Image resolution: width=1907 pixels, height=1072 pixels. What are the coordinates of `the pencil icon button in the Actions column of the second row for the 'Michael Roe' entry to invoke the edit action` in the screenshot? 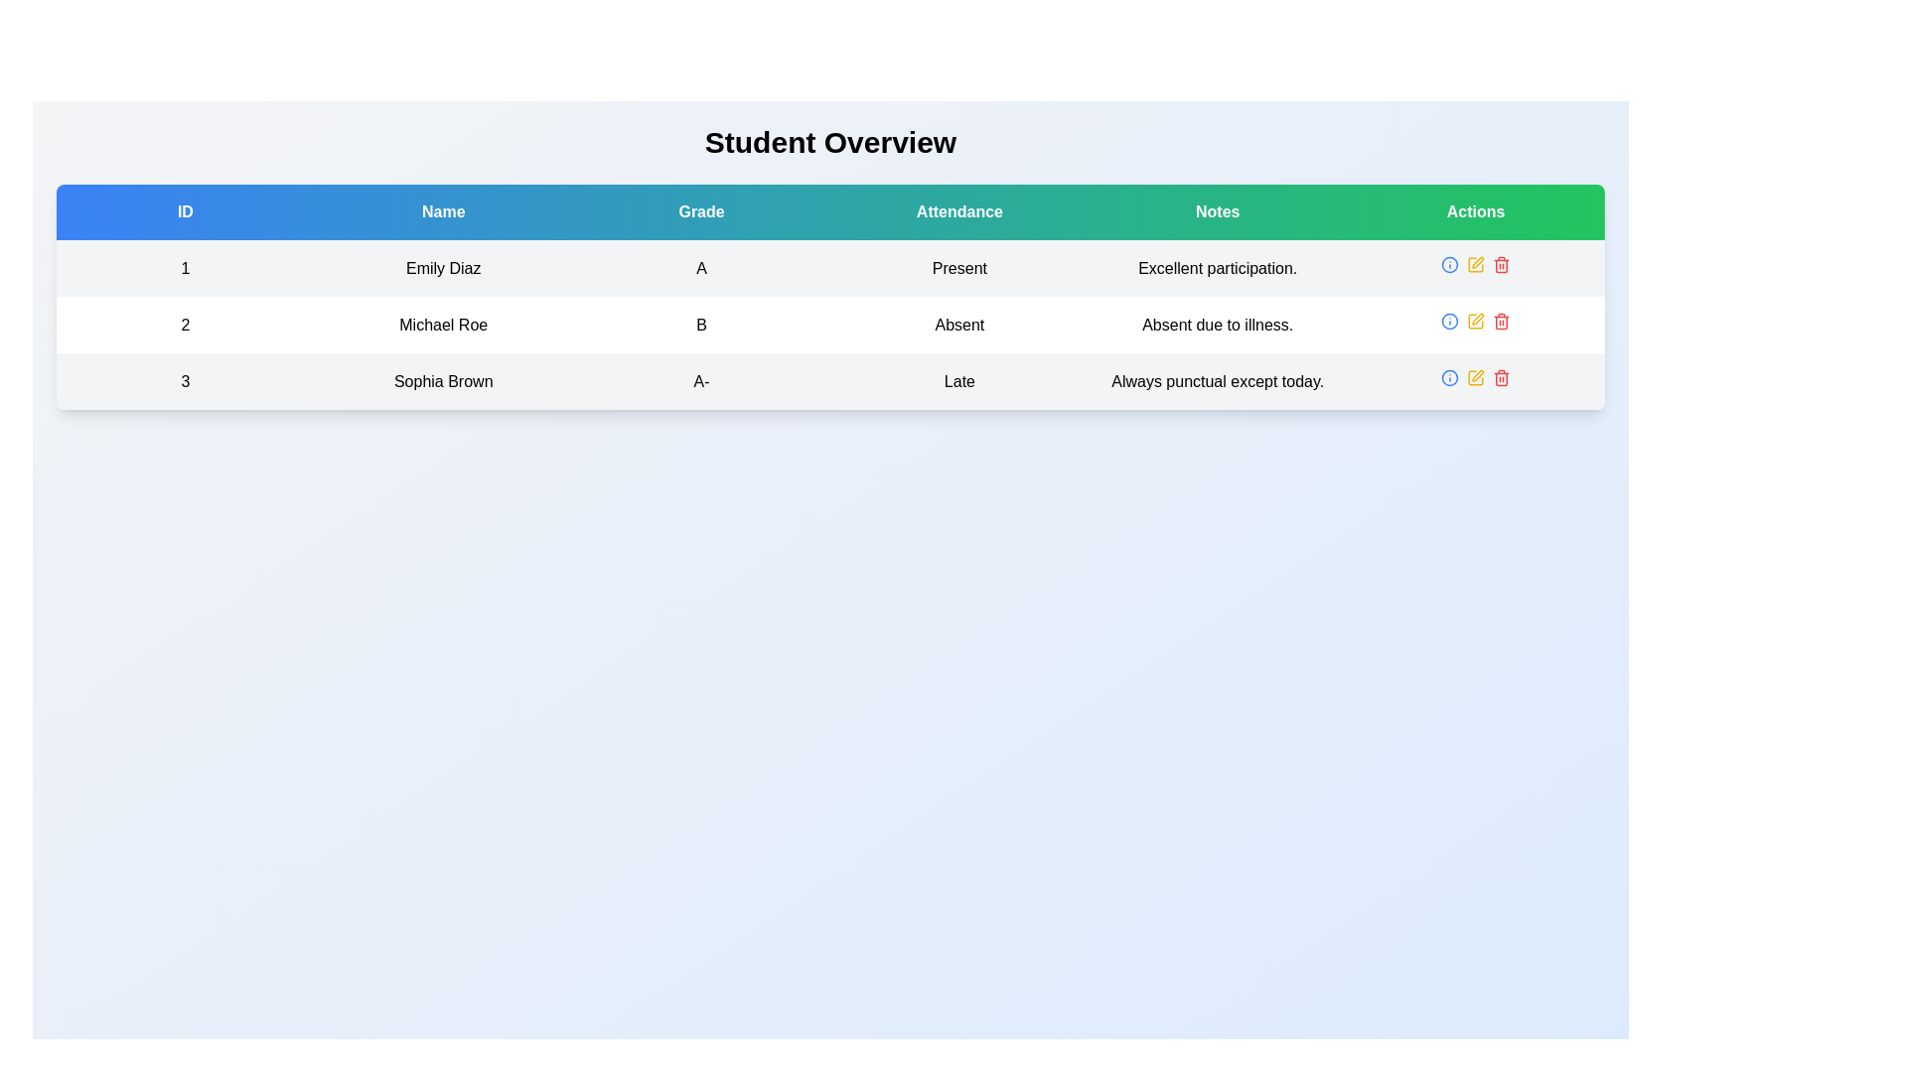 It's located at (1476, 324).